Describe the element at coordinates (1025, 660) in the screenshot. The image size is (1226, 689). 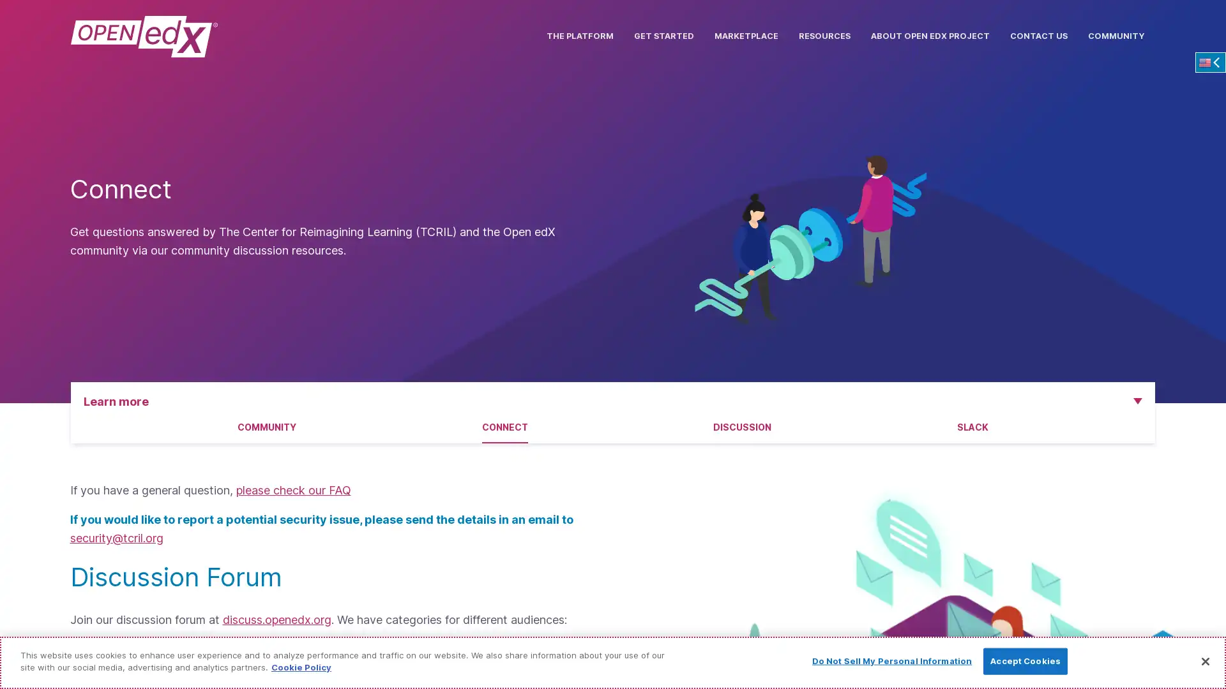
I see `Accept Cookies` at that location.